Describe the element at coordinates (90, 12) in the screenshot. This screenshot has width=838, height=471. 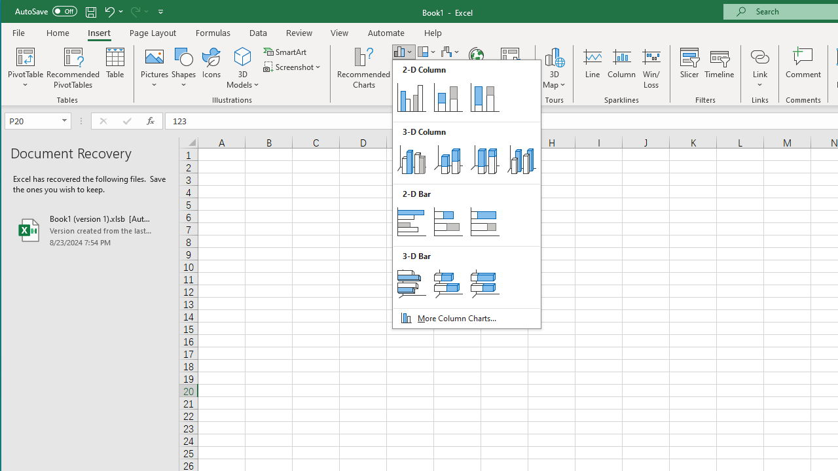
I see `'Quick Access Toolbar'` at that location.